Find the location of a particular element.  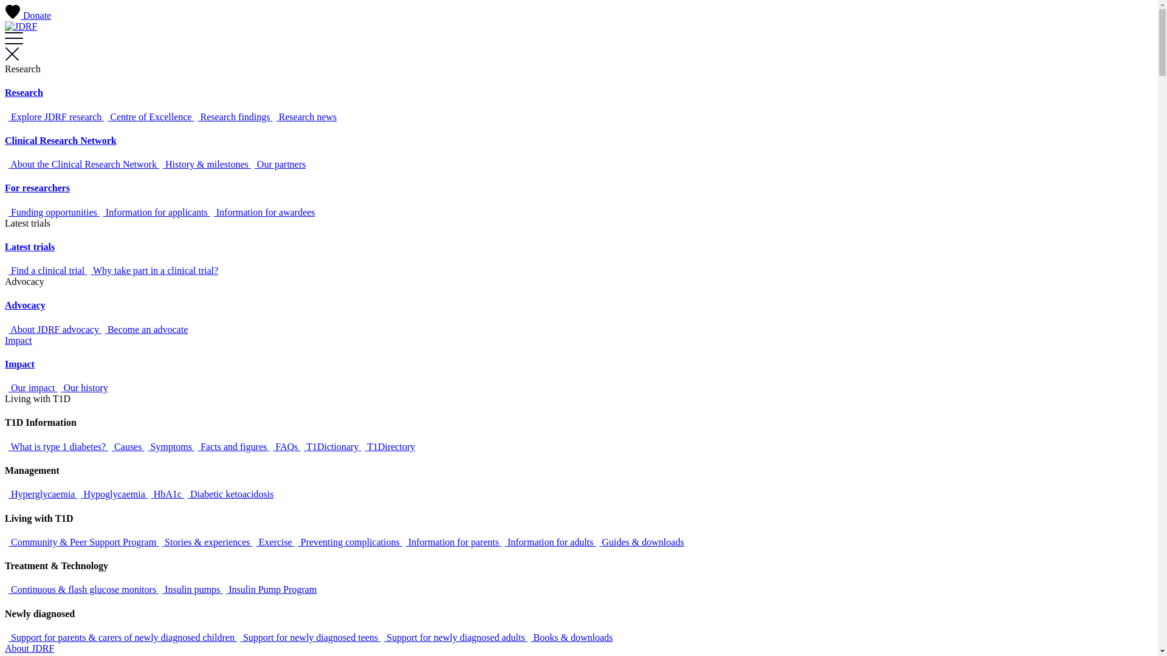

'Facts and figures' is located at coordinates (232, 446).